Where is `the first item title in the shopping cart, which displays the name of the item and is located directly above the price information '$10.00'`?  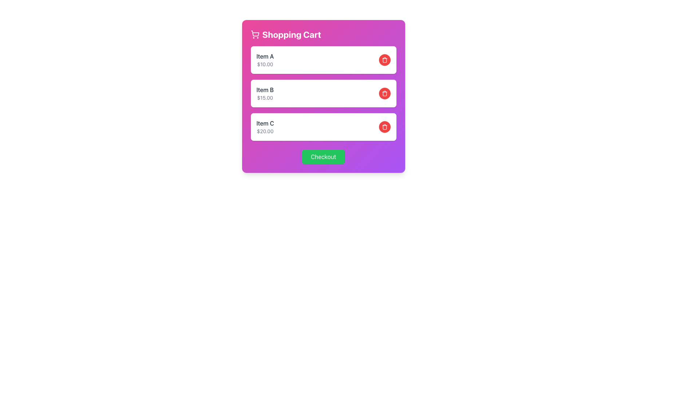 the first item title in the shopping cart, which displays the name of the item and is located directly above the price information '$10.00' is located at coordinates (265, 56).